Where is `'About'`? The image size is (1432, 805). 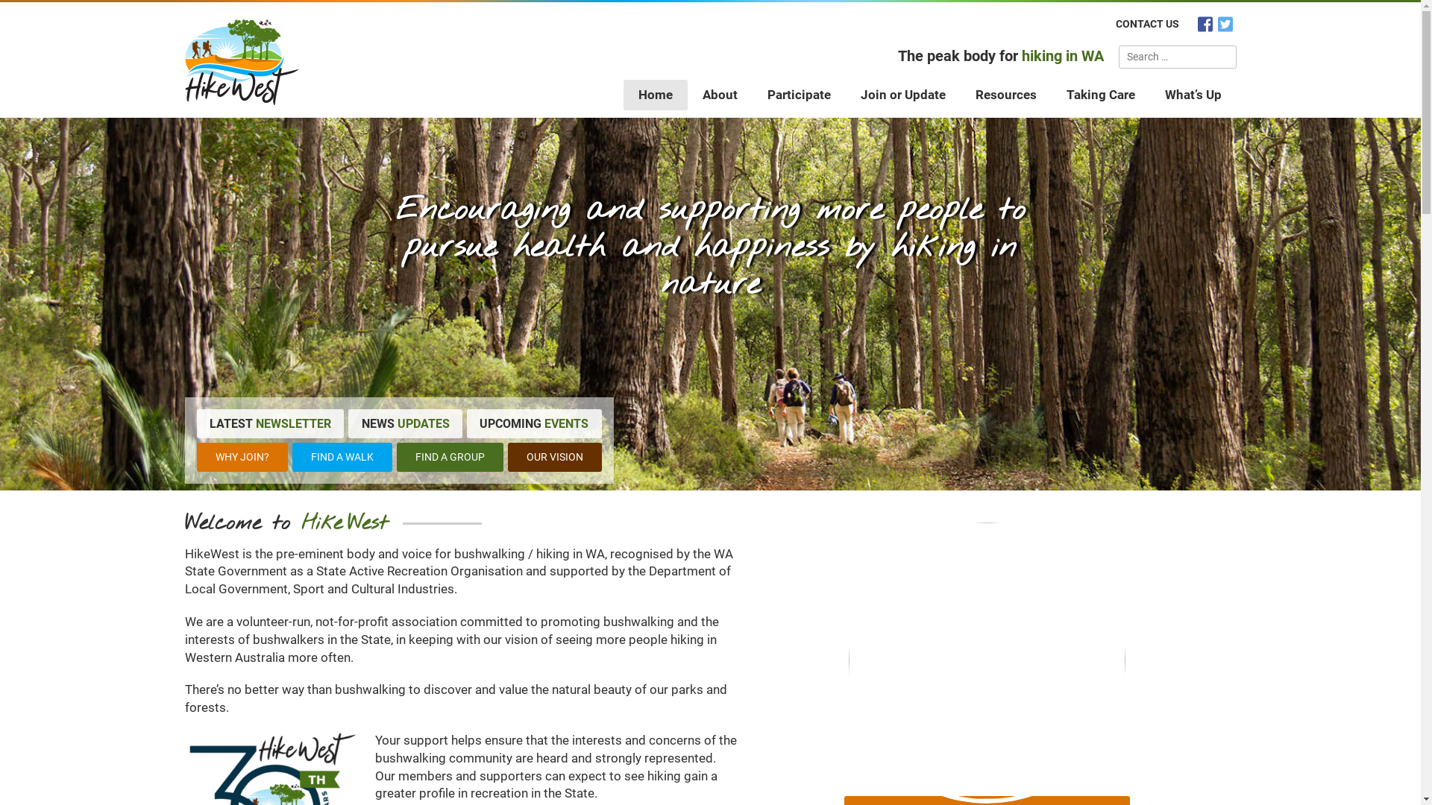 'About' is located at coordinates (686, 94).